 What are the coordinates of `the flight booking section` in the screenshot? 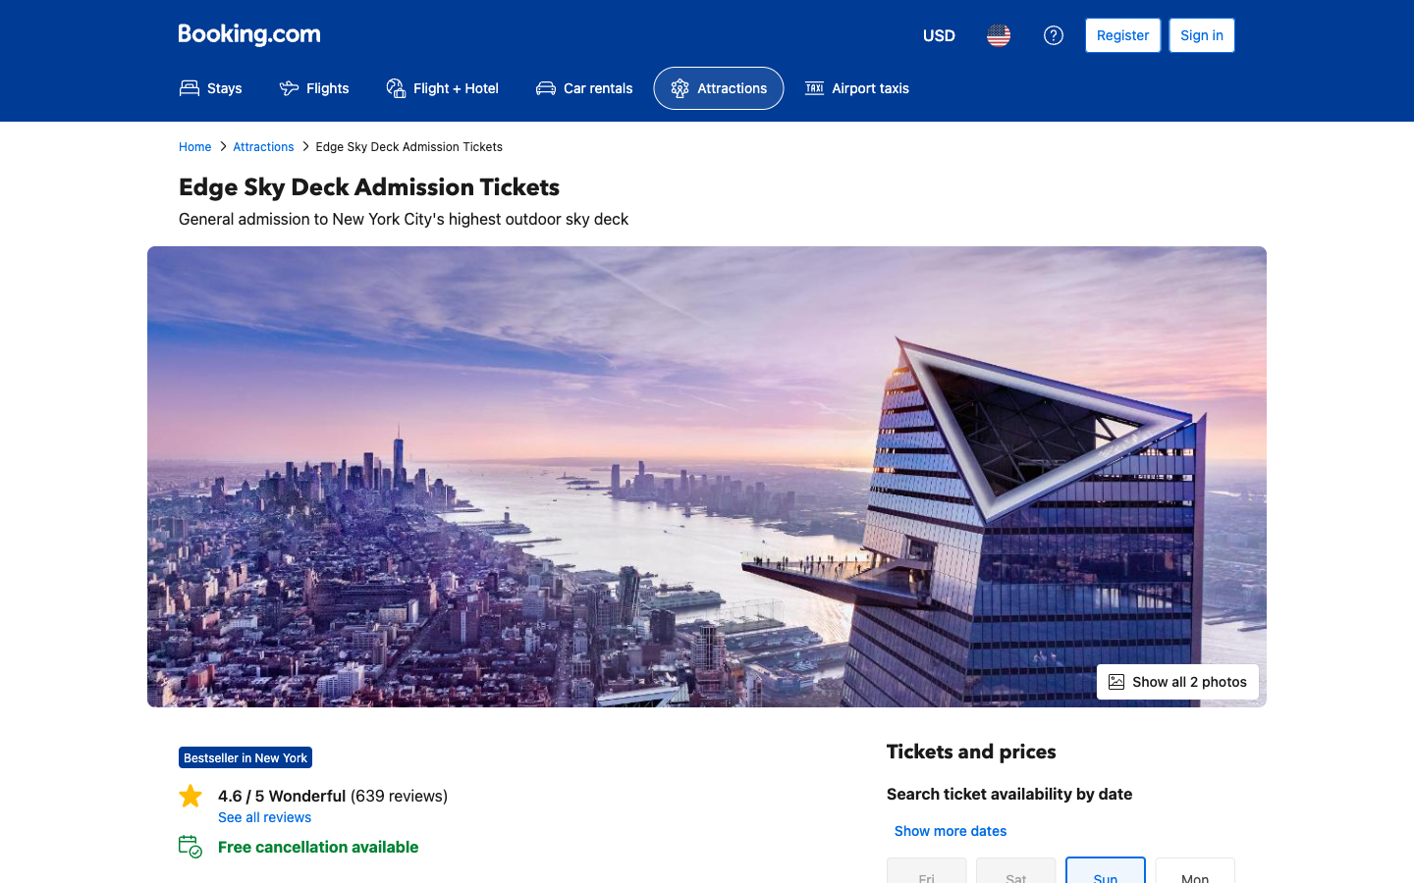 It's located at (313, 87).